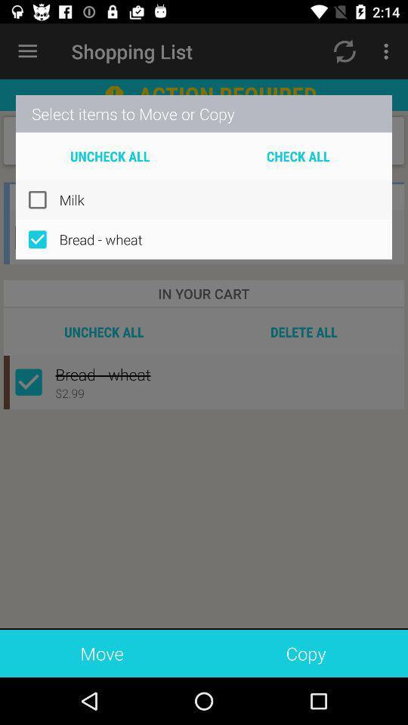 The height and width of the screenshot is (725, 408). Describe the element at coordinates (109, 156) in the screenshot. I see `item below select items to icon` at that location.